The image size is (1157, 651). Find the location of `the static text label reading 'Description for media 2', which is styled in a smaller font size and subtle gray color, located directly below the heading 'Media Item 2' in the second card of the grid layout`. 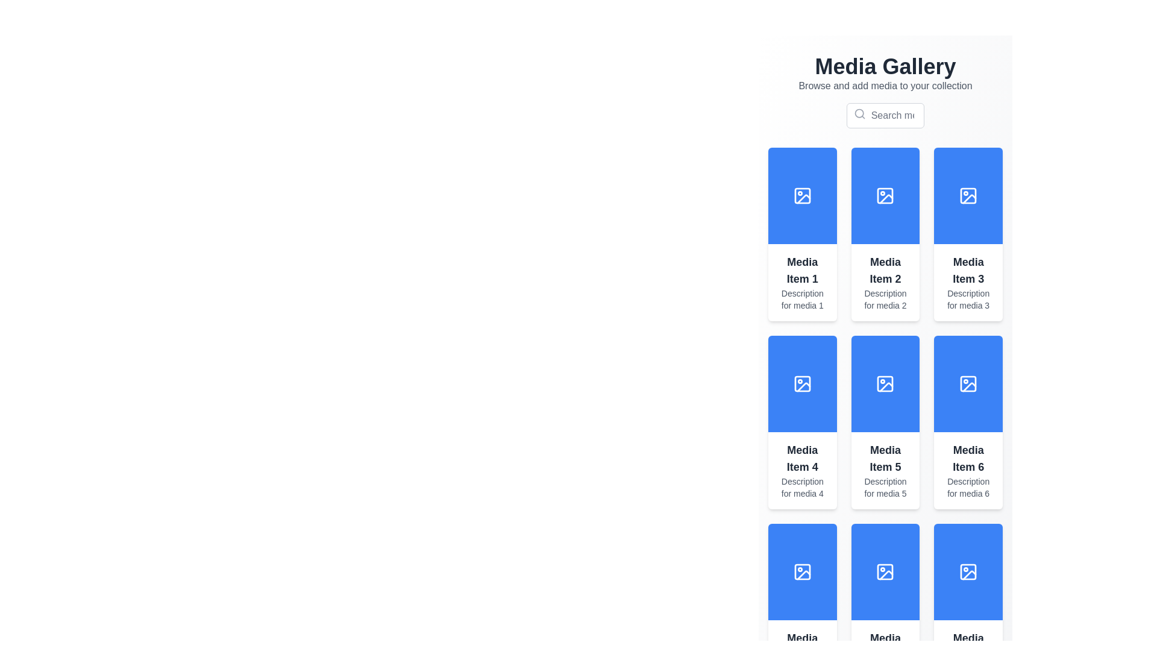

the static text label reading 'Description for media 2', which is styled in a smaller font size and subtle gray color, located directly below the heading 'Media Item 2' in the second card of the grid layout is located at coordinates (885, 299).